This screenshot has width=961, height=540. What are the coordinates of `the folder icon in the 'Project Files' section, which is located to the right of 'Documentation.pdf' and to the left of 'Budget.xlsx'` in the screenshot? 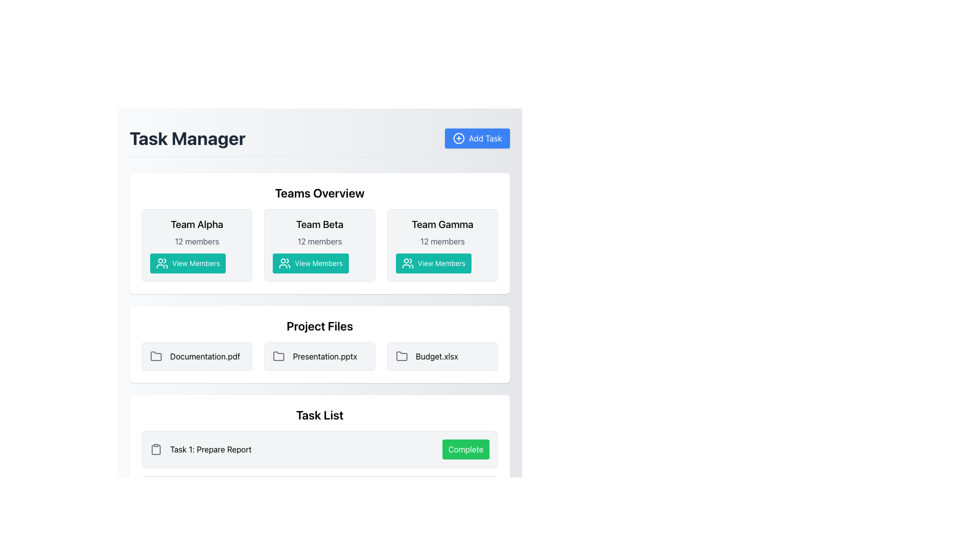 It's located at (156, 355).